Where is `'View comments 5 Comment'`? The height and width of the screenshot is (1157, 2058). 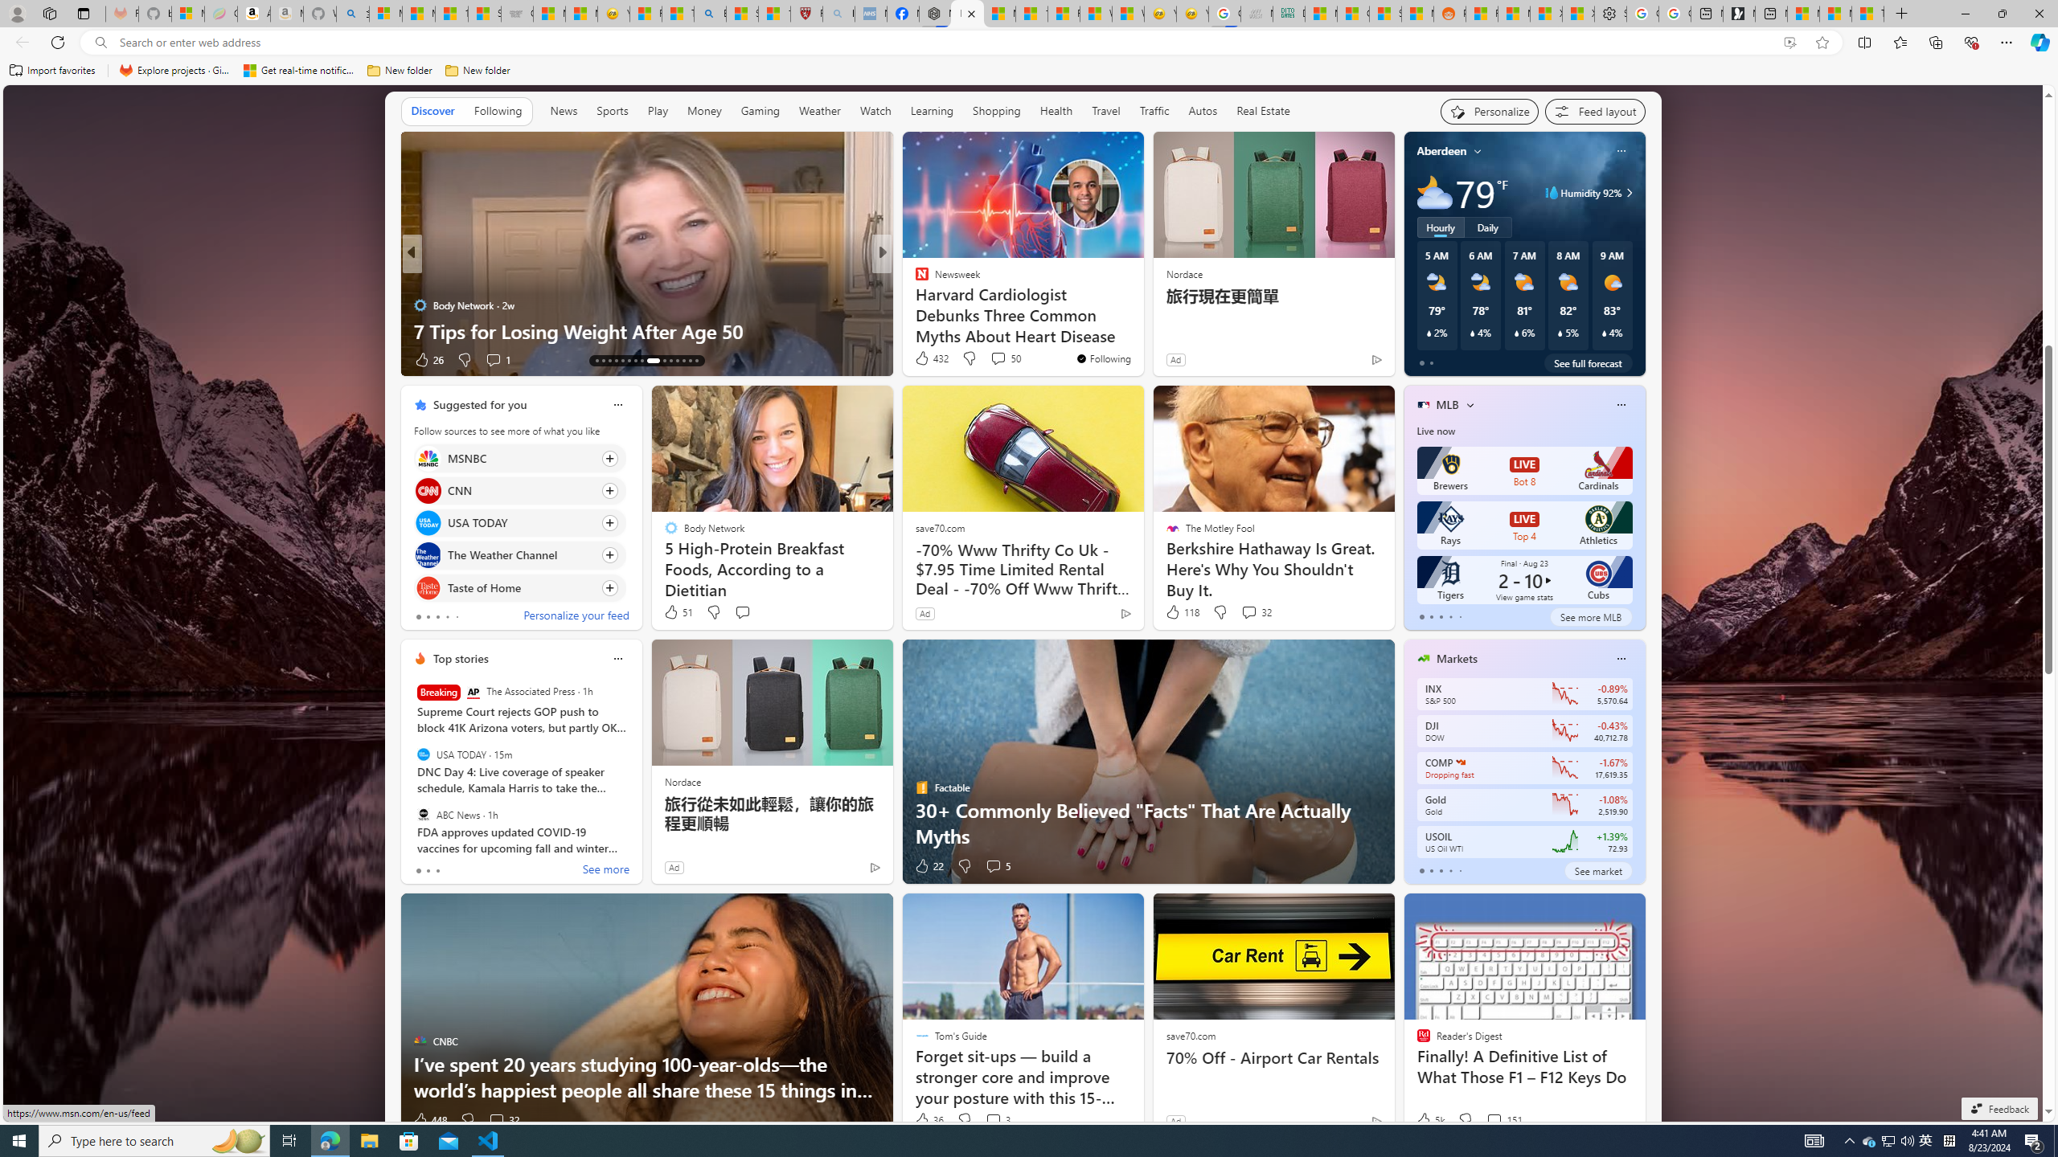 'View comments 5 Comment' is located at coordinates (996, 865).